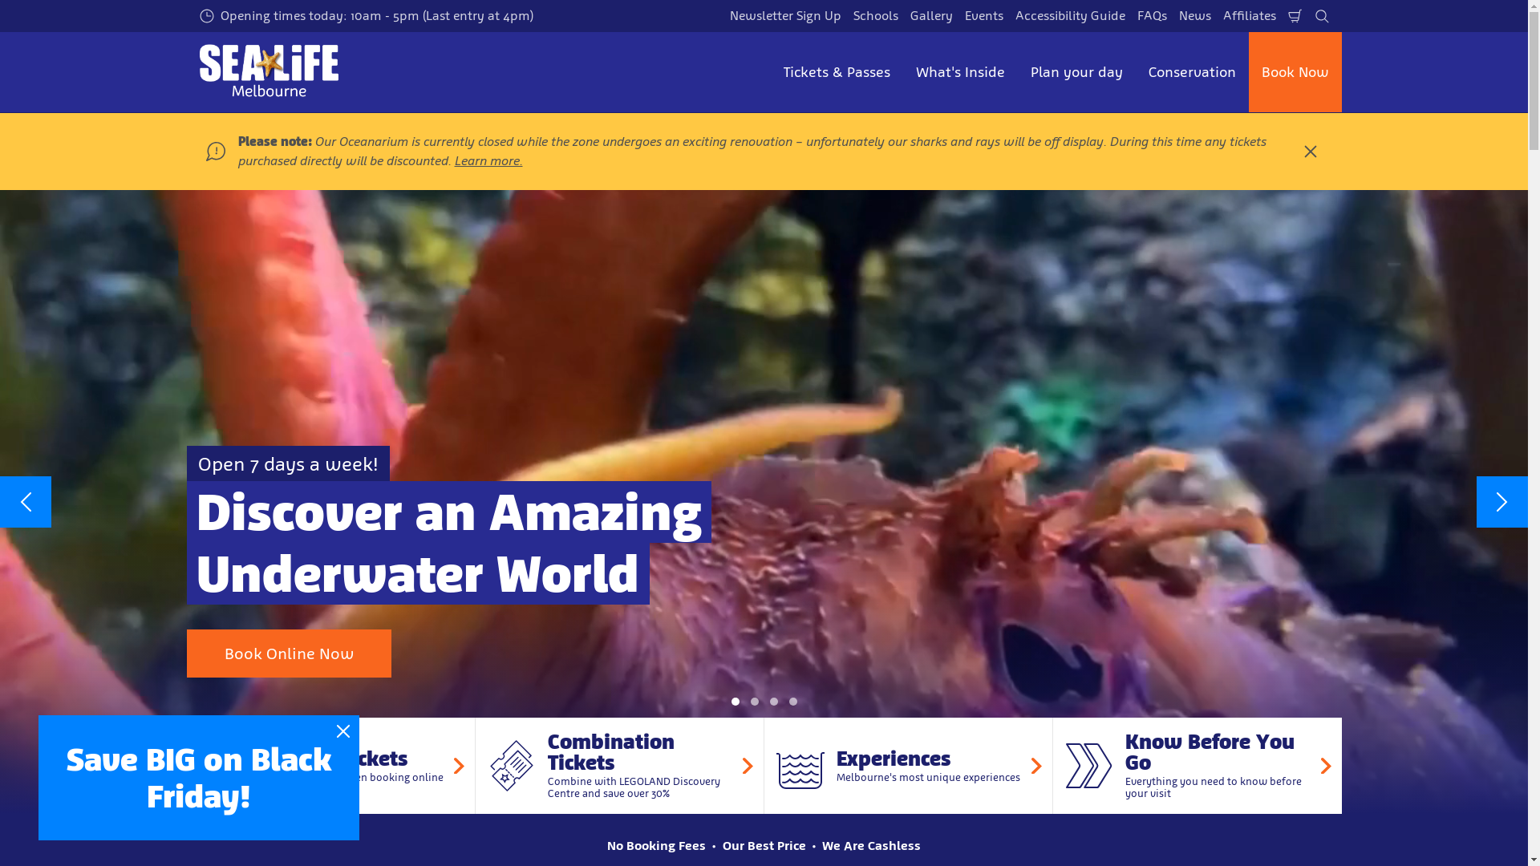  What do you see at coordinates (1192, 71) in the screenshot?
I see `'Conservation'` at bounding box center [1192, 71].